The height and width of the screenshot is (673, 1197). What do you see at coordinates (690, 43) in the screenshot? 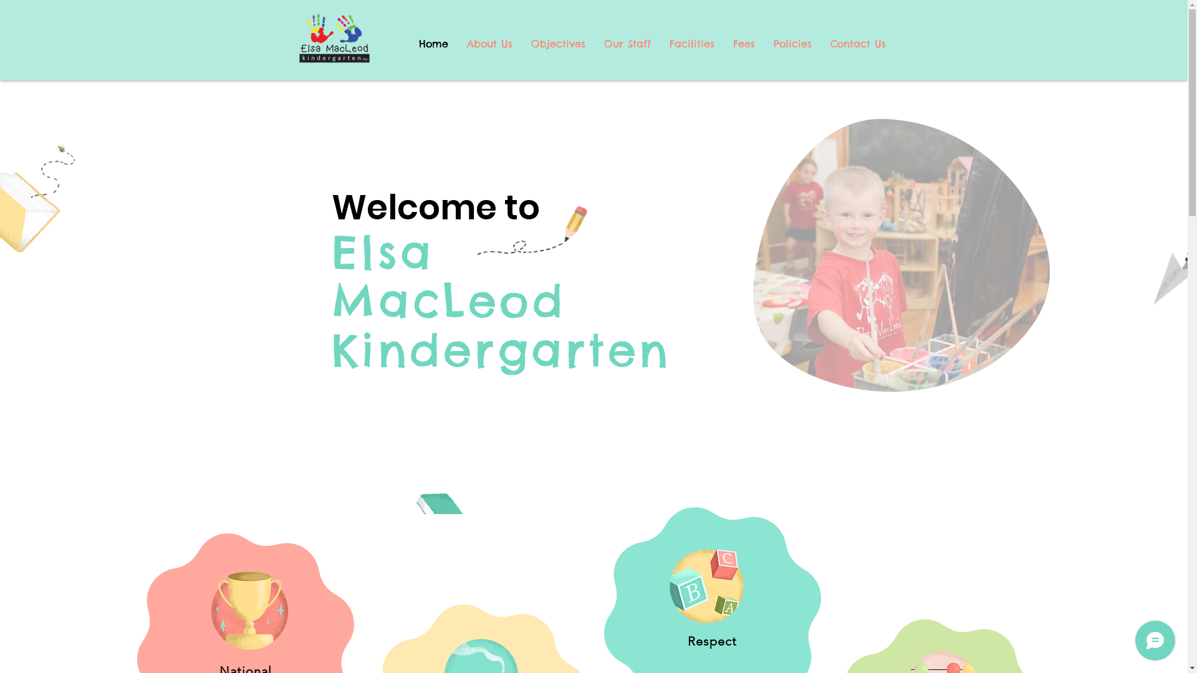
I see `'Facilities'` at bounding box center [690, 43].